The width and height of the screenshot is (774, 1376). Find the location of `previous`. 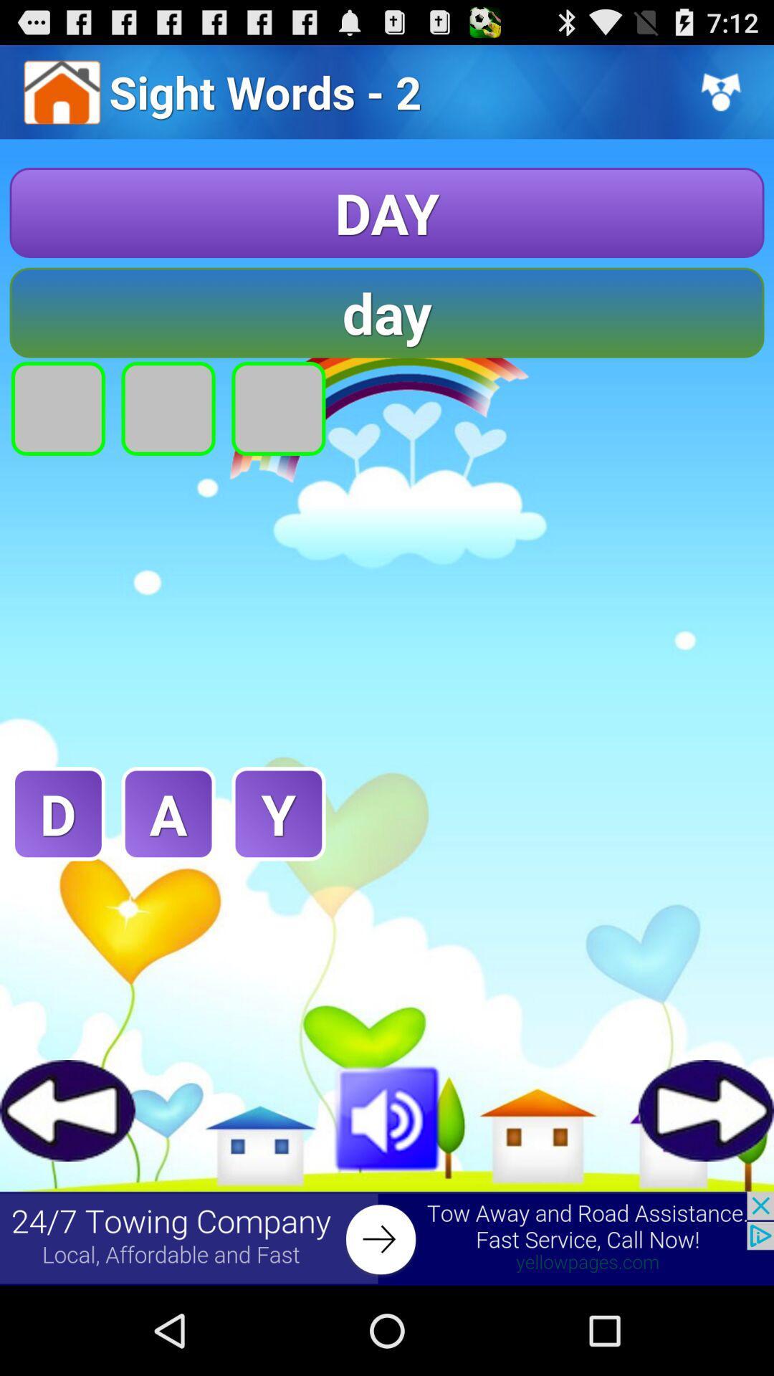

previous is located at coordinates (67, 1109).